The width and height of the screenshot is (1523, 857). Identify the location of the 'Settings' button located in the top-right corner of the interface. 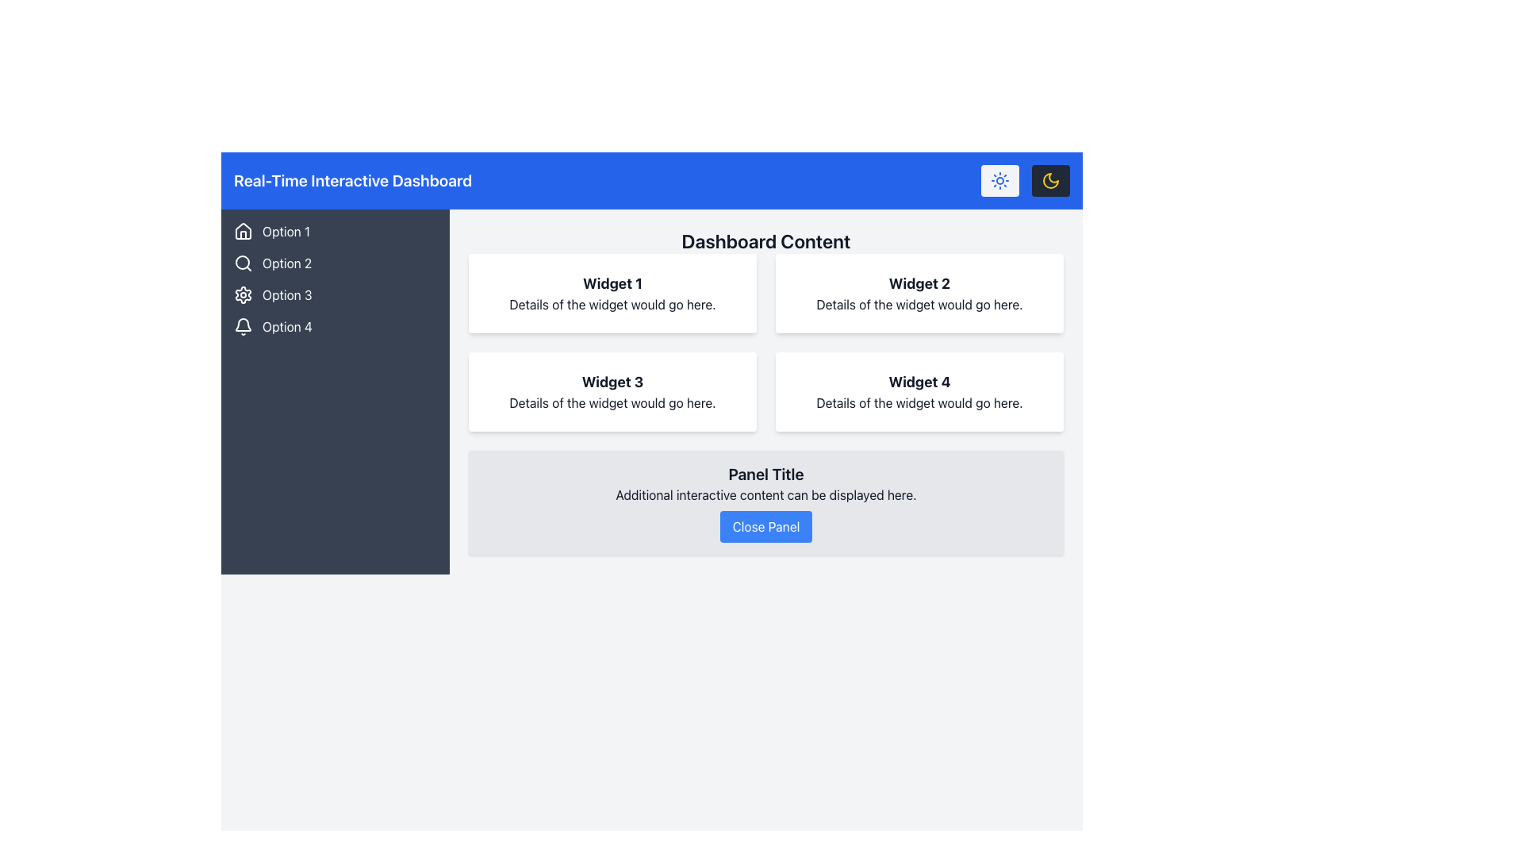
(243, 294).